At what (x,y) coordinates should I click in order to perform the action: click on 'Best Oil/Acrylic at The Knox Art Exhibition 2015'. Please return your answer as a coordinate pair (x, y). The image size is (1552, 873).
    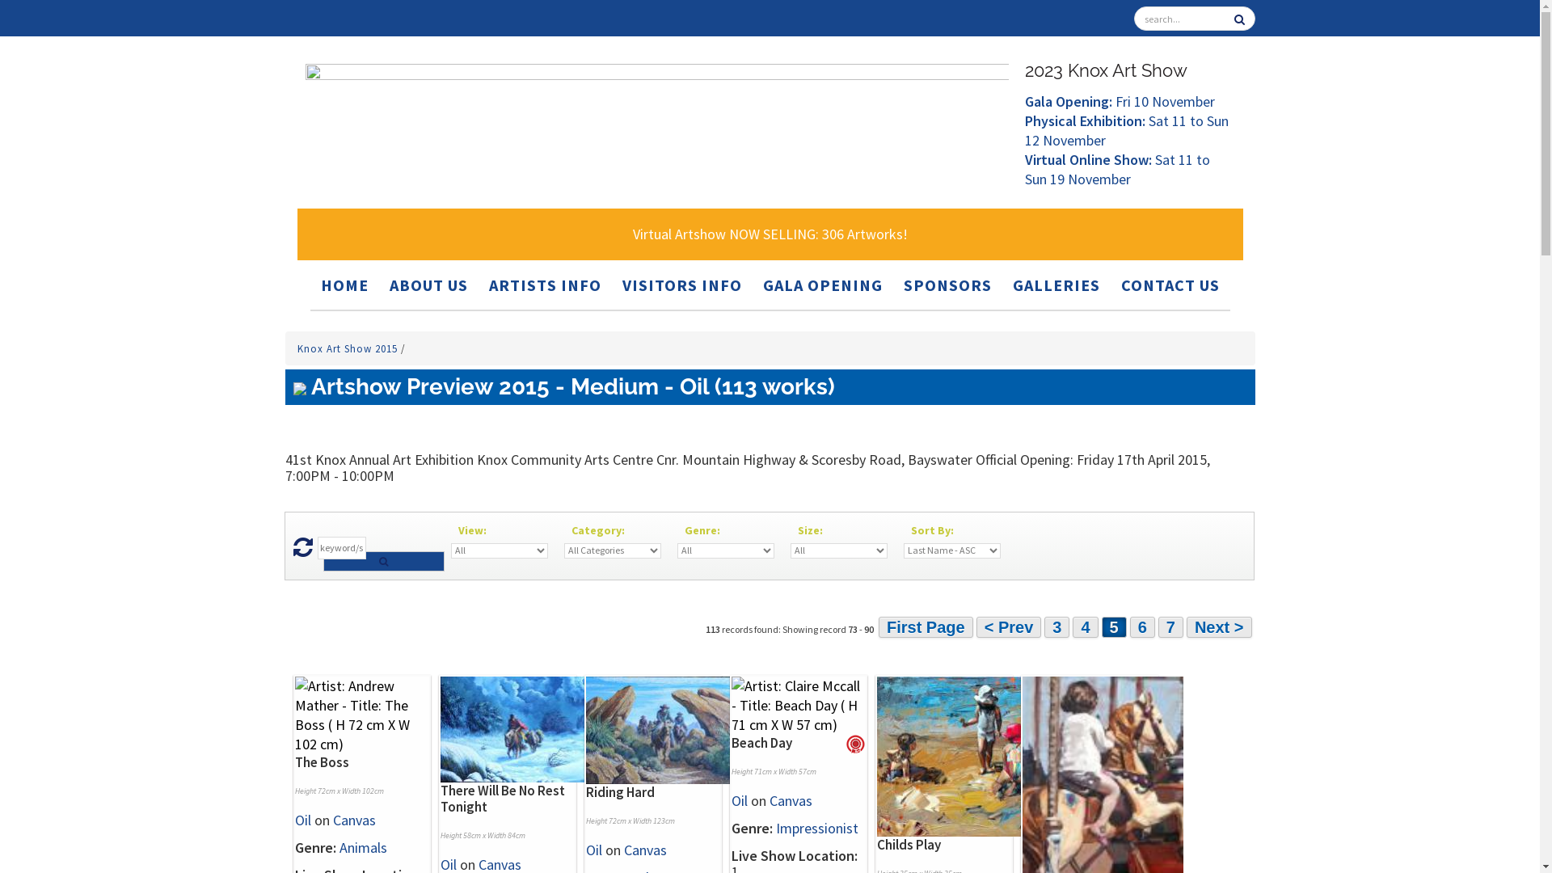
    Looking at the image, I should click on (845, 744).